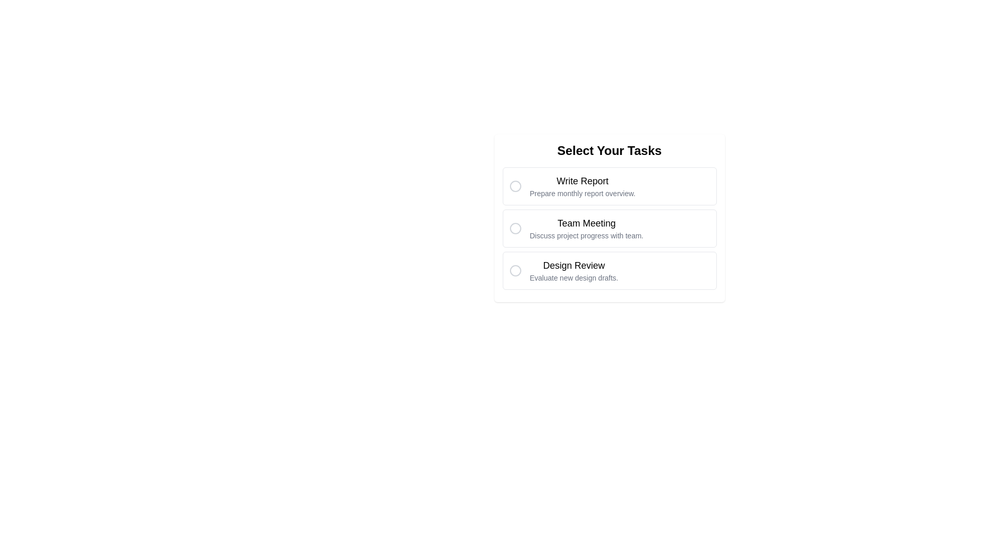  I want to click on the radio button, so click(609, 228).